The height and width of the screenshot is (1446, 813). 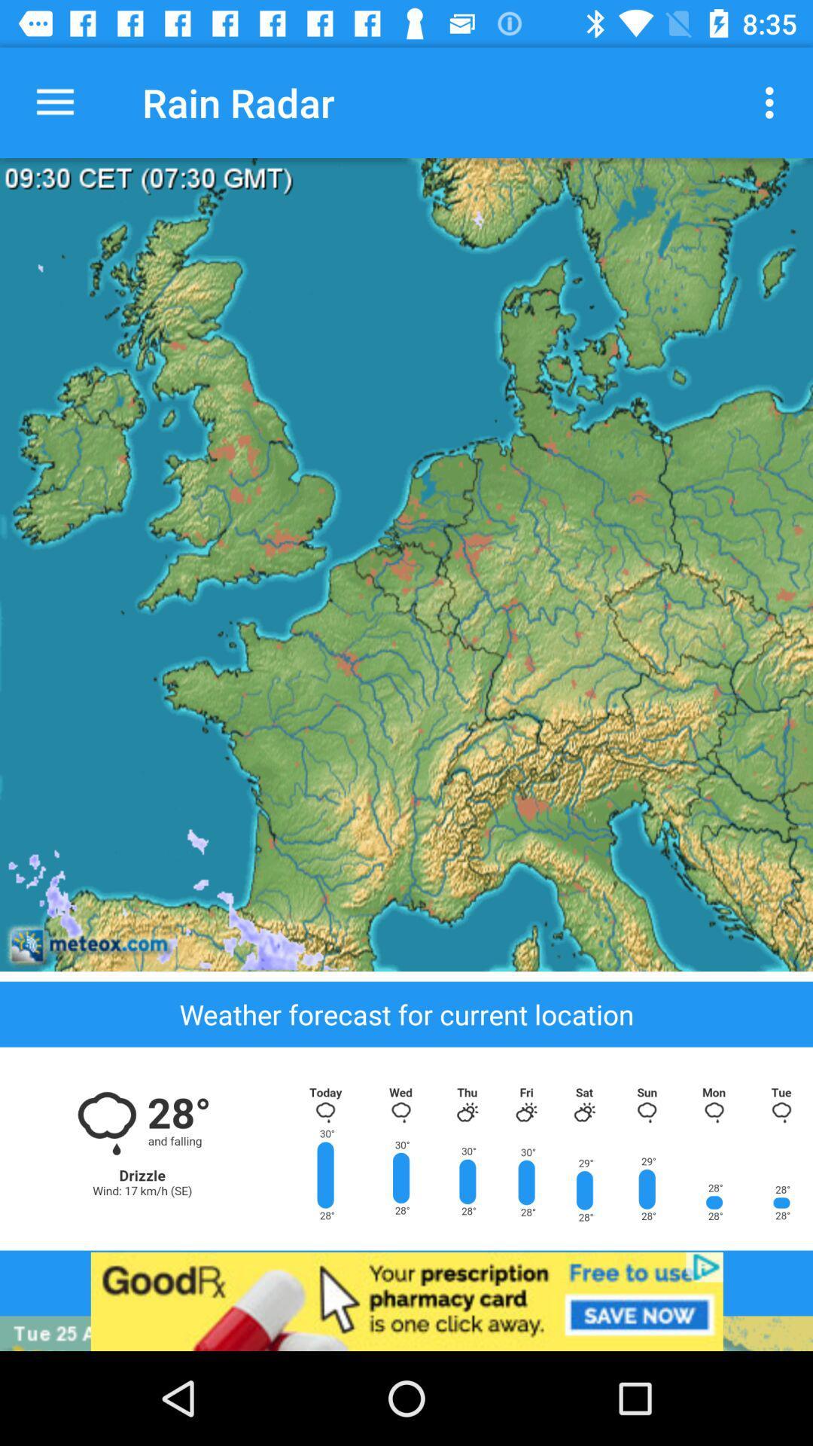 I want to click on description, so click(x=406, y=563).